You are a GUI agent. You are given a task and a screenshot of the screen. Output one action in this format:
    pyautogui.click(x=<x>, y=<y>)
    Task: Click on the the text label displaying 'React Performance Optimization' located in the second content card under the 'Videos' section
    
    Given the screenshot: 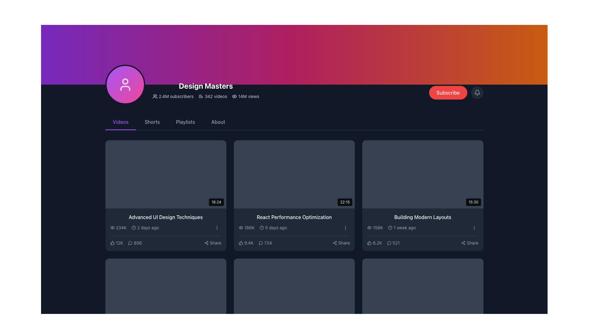 What is the action you would take?
    pyautogui.click(x=294, y=217)
    